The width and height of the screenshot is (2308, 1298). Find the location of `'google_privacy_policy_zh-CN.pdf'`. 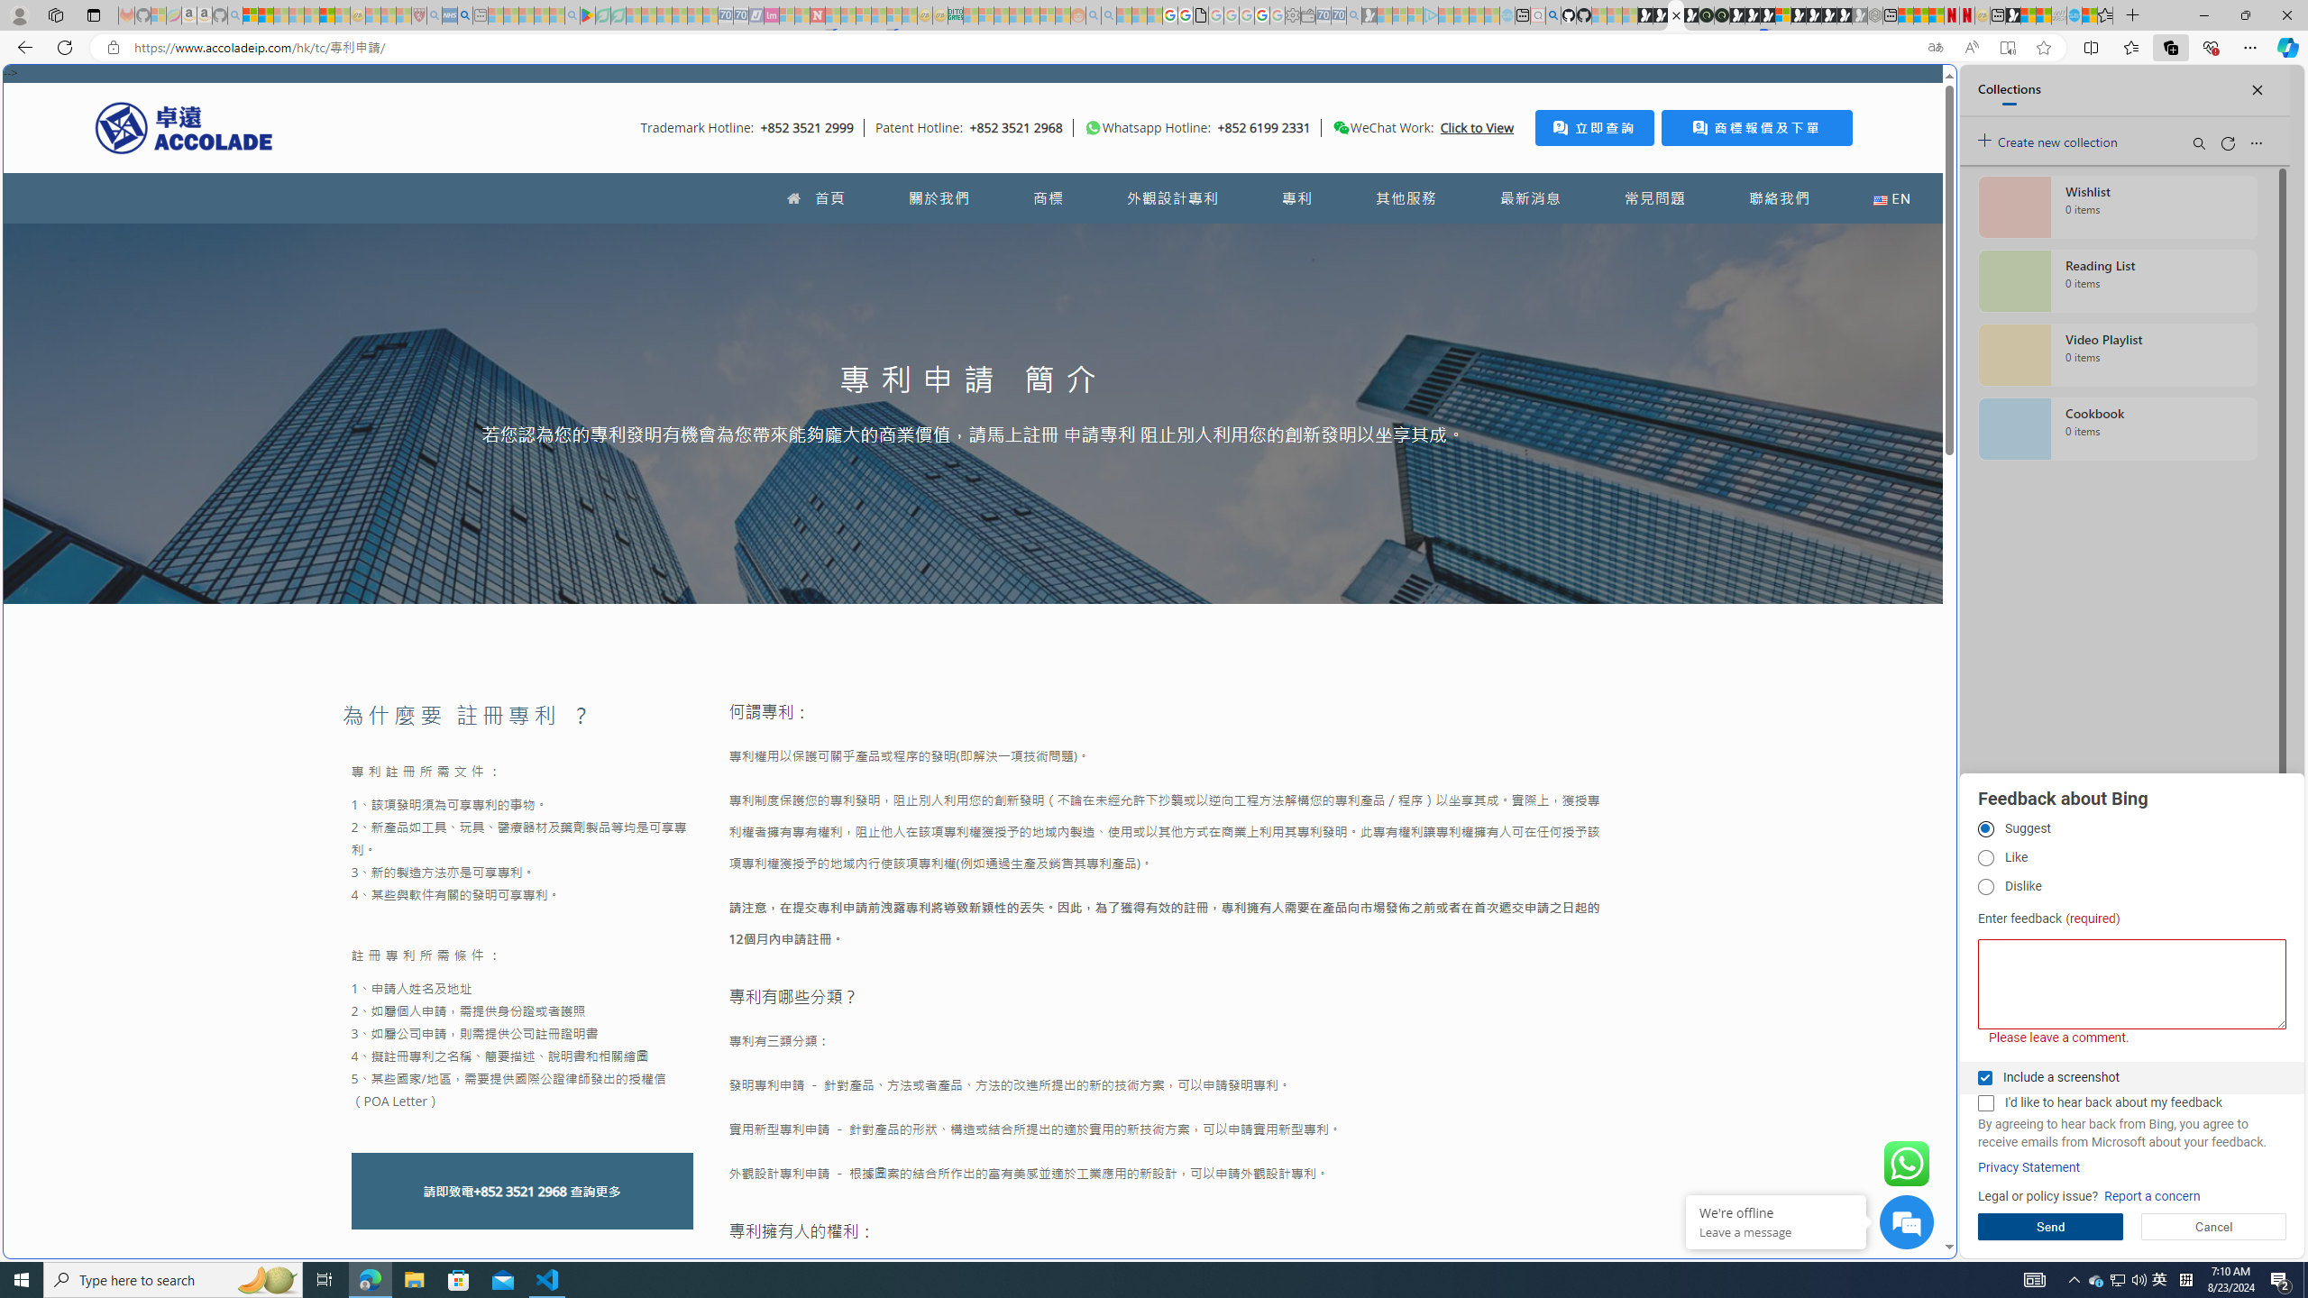

'google_privacy_policy_zh-CN.pdf' is located at coordinates (1201, 14).